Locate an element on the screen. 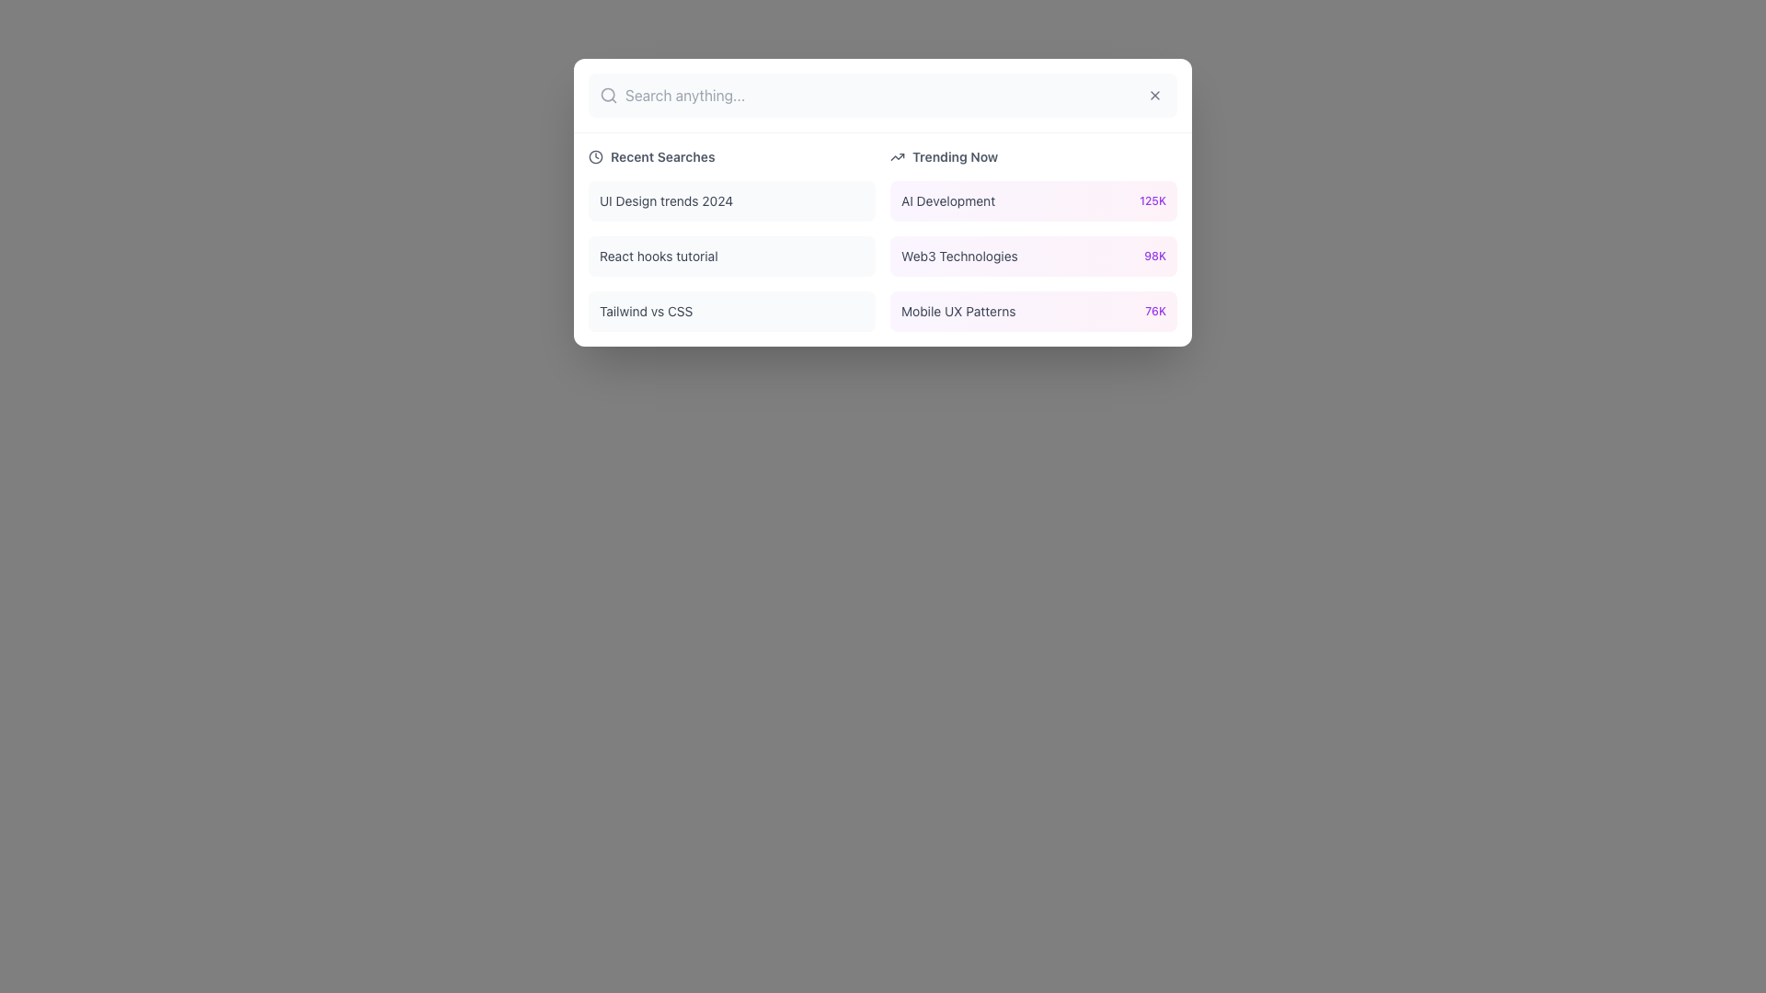  the 'X' shaped icon displayed within a compact circular button located at the top-right corner of the search interface window to observe hover effects is located at coordinates (1154, 96).